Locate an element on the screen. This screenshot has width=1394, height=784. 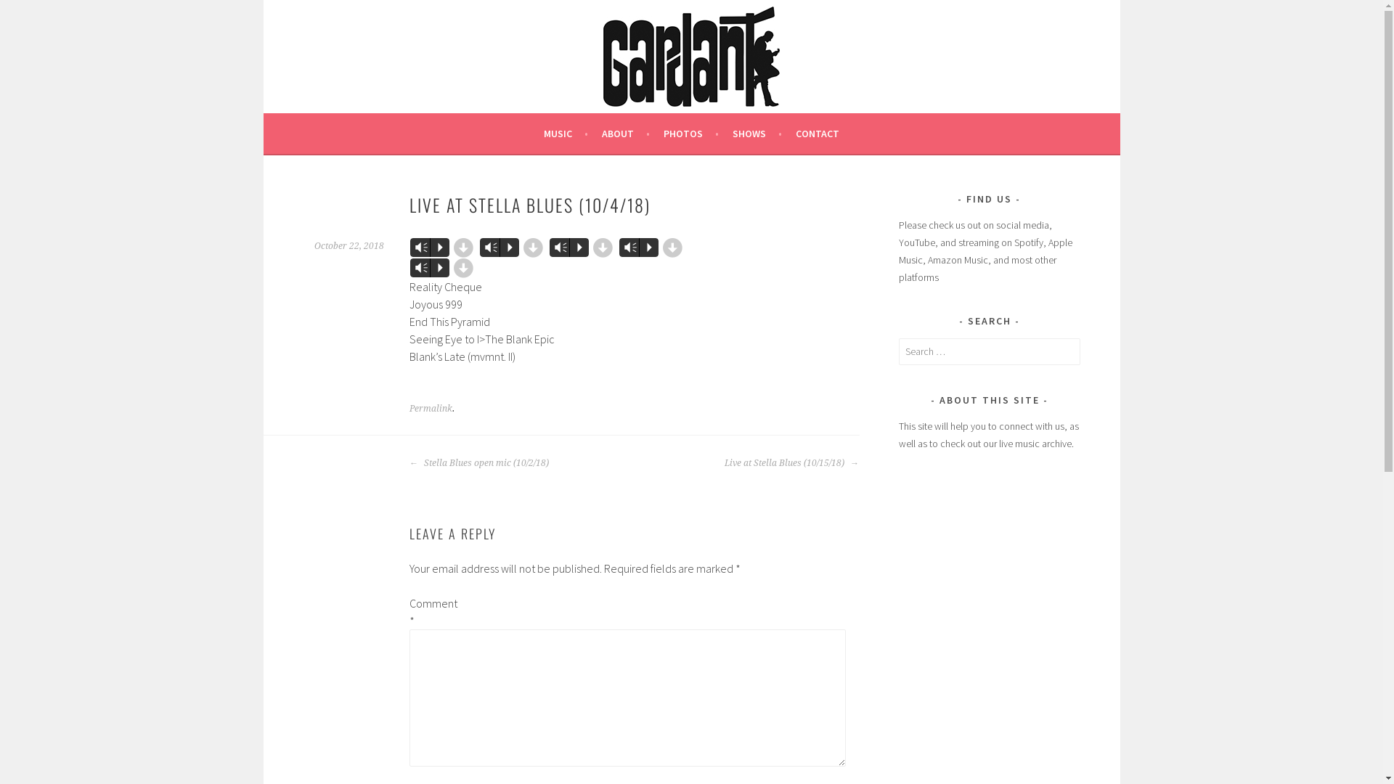
'd' is located at coordinates (462, 268).